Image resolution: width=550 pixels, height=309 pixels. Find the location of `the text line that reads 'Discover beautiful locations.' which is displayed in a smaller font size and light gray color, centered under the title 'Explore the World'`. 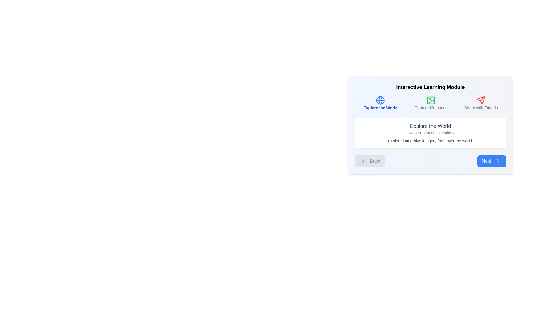

the text line that reads 'Discover beautiful locations.' which is displayed in a smaller font size and light gray color, centered under the title 'Explore the World' is located at coordinates (430, 133).